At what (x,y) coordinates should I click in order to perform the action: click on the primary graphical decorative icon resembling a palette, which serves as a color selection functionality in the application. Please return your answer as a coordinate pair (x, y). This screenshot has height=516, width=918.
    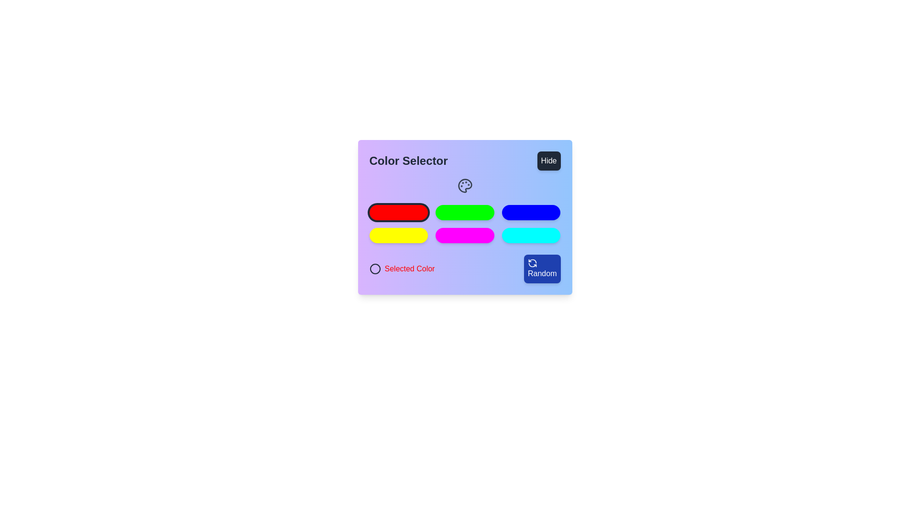
    Looking at the image, I should click on (465, 186).